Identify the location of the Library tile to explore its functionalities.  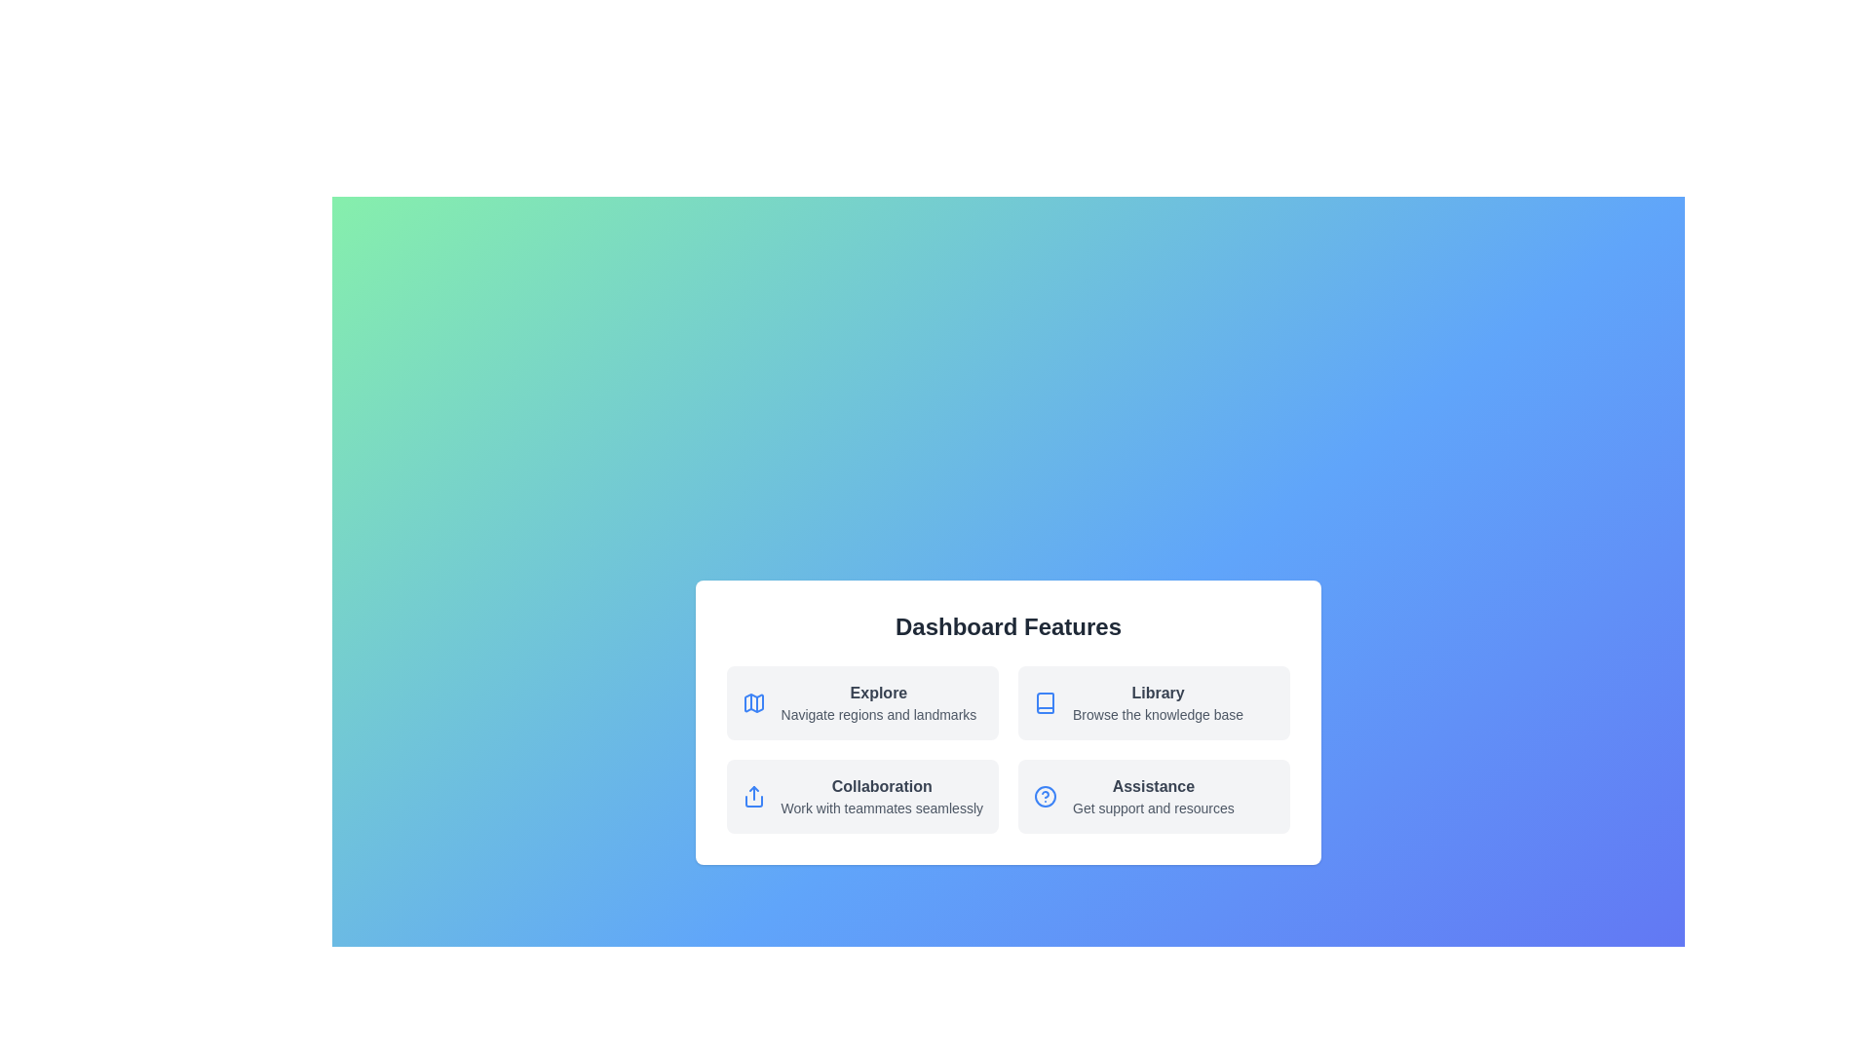
(1154, 702).